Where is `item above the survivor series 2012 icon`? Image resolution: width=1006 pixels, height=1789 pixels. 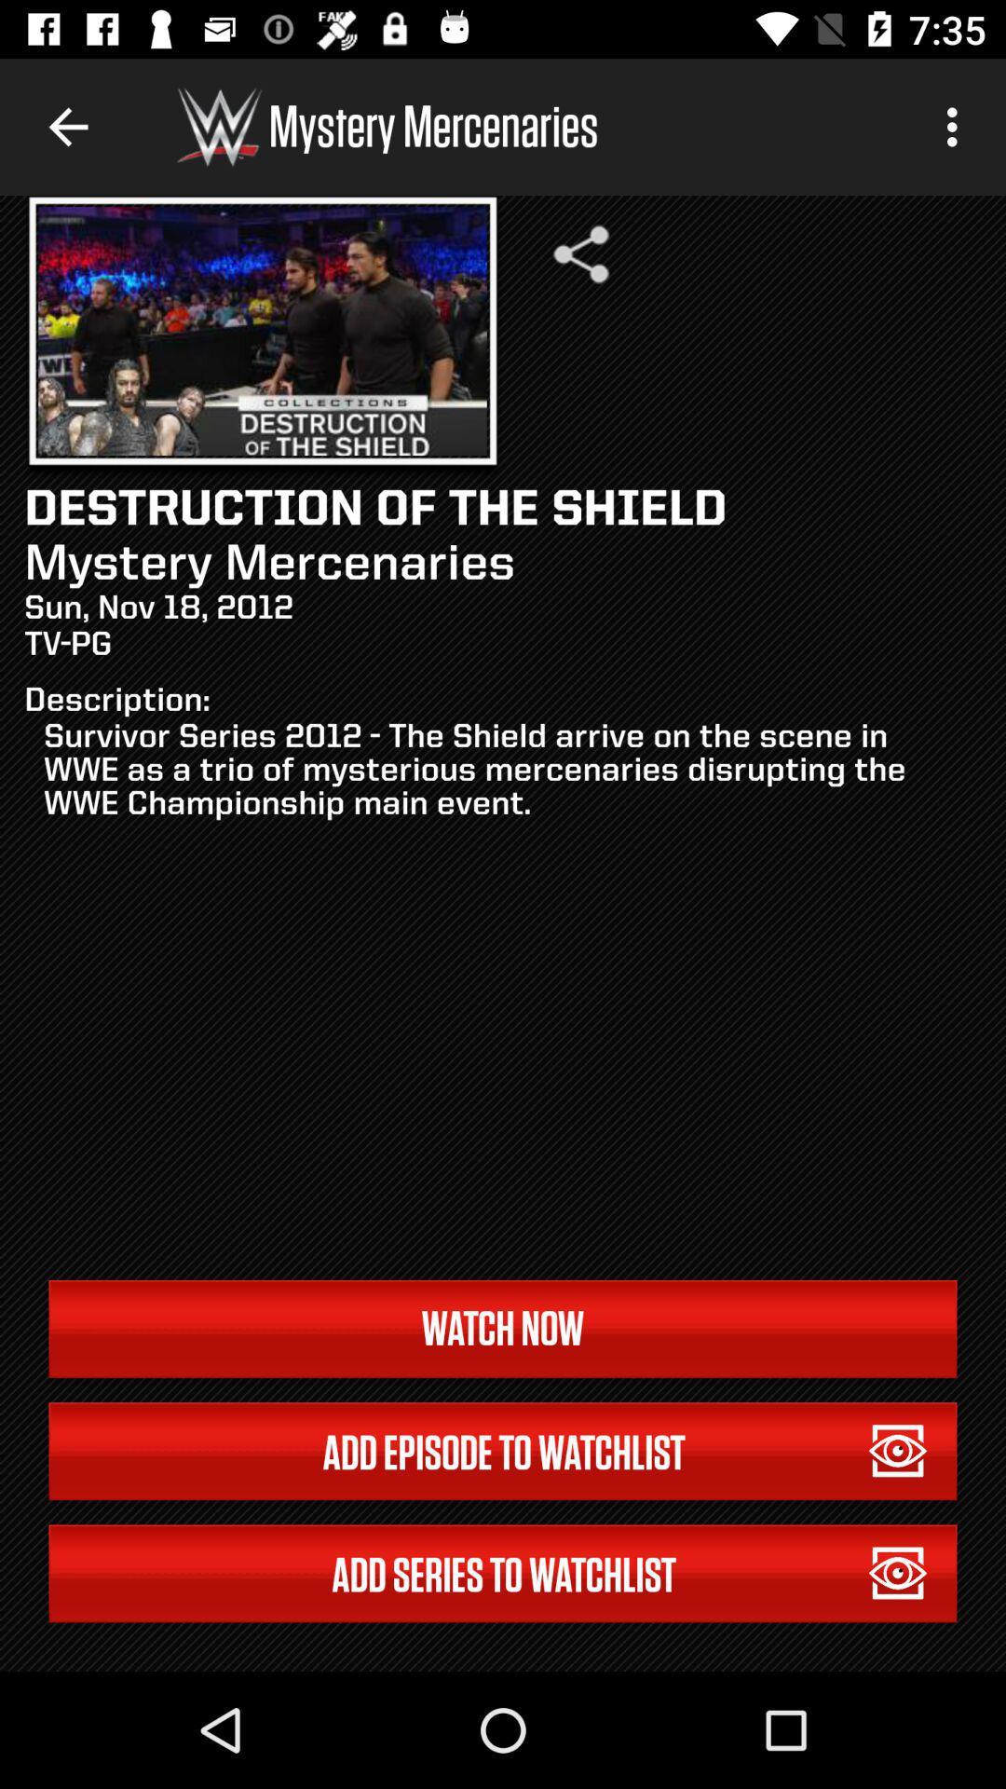 item above the survivor series 2012 icon is located at coordinates (957, 126).